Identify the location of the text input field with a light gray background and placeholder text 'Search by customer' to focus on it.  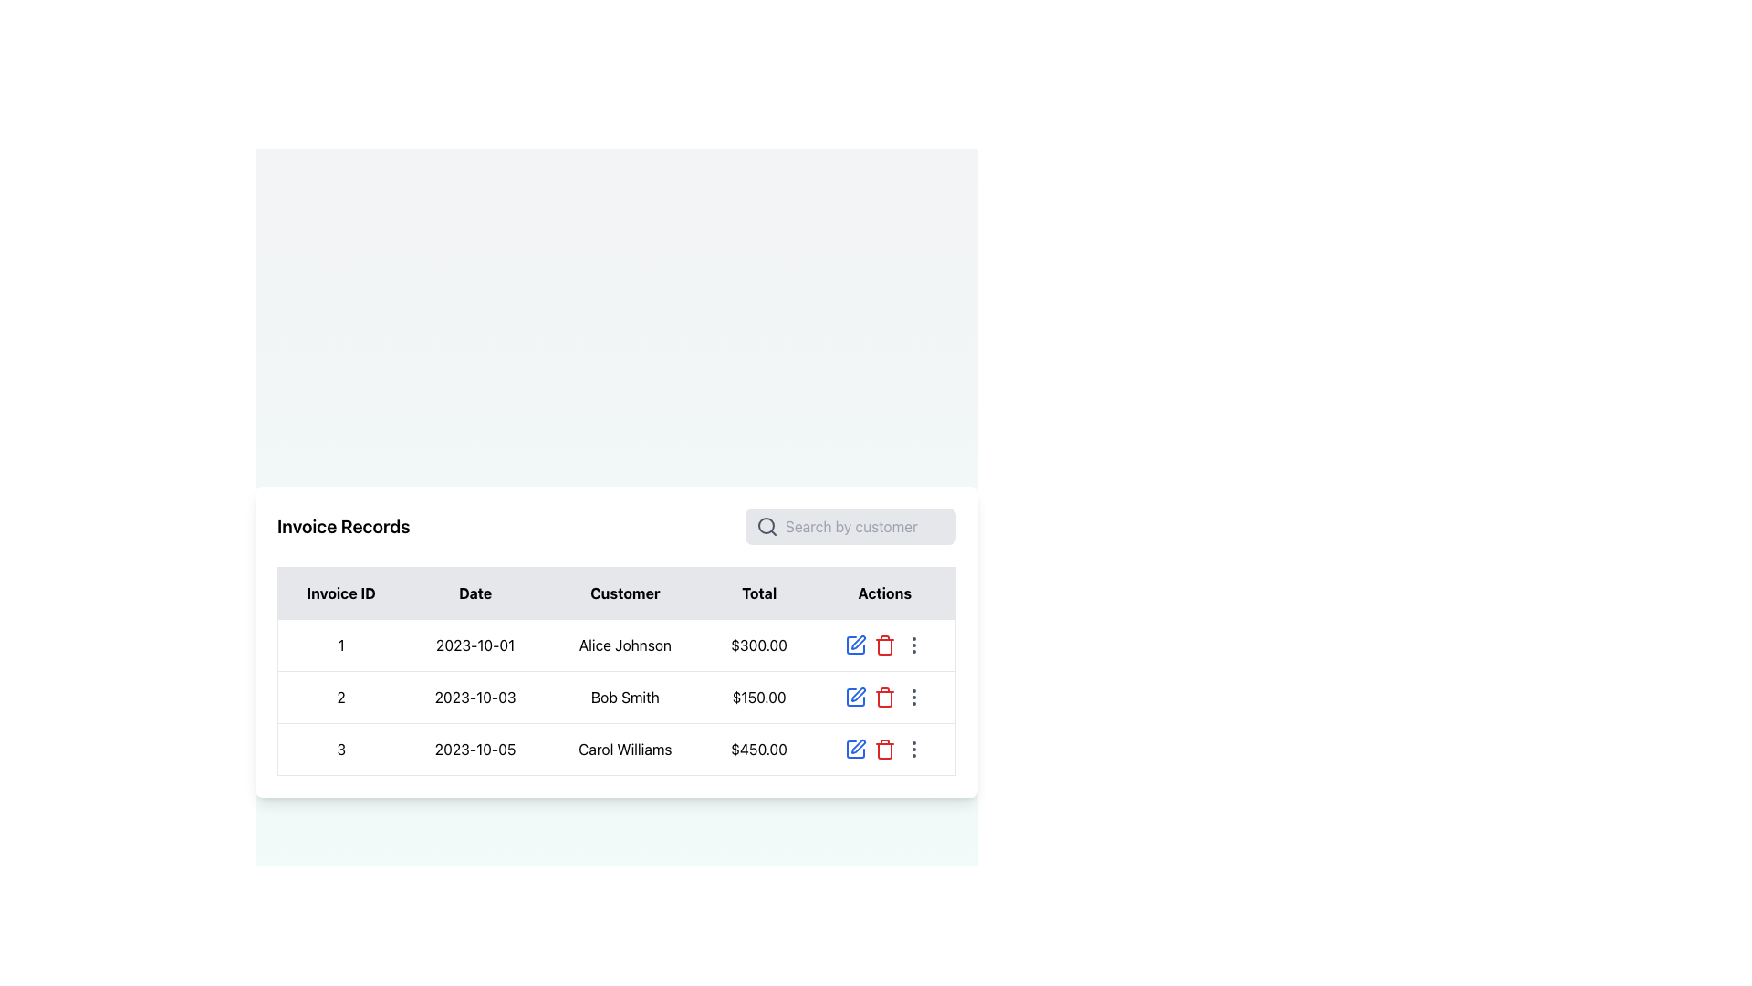
(850, 526).